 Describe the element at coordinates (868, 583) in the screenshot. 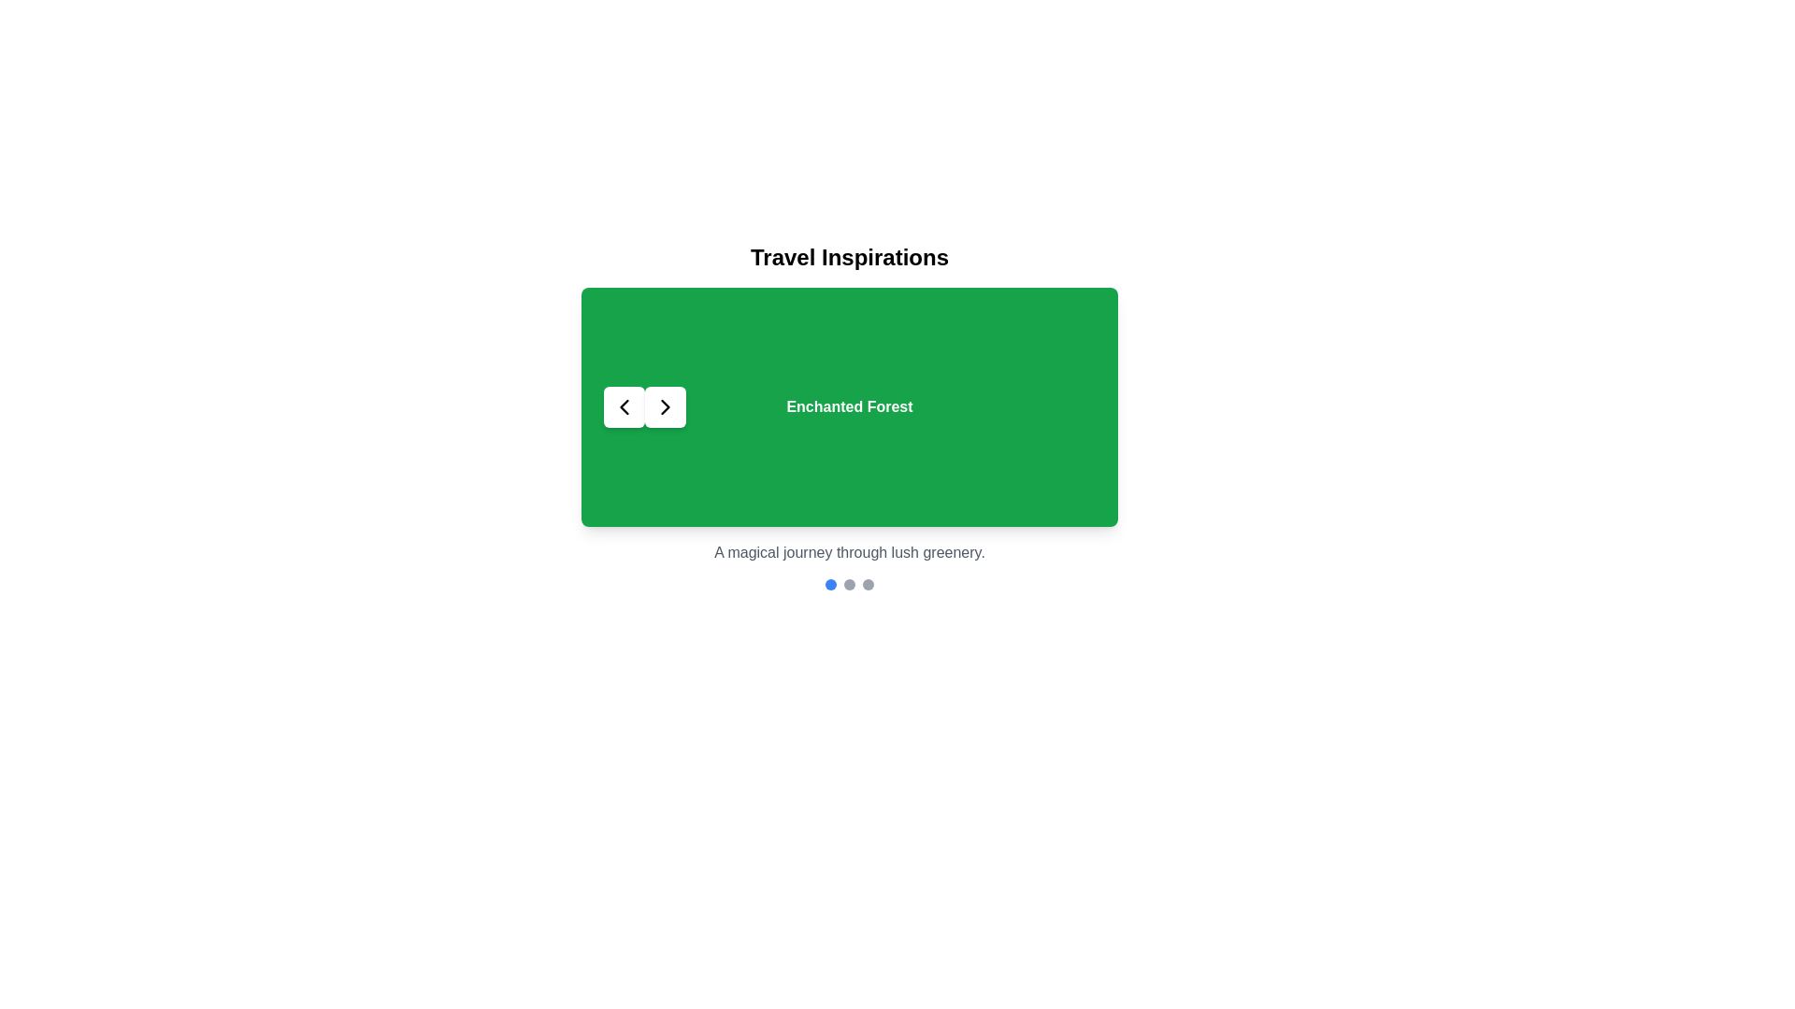

I see `the third Indicator Dot in the carousel, which is positioned below the green card and to the right of the blue and gray dots` at that location.